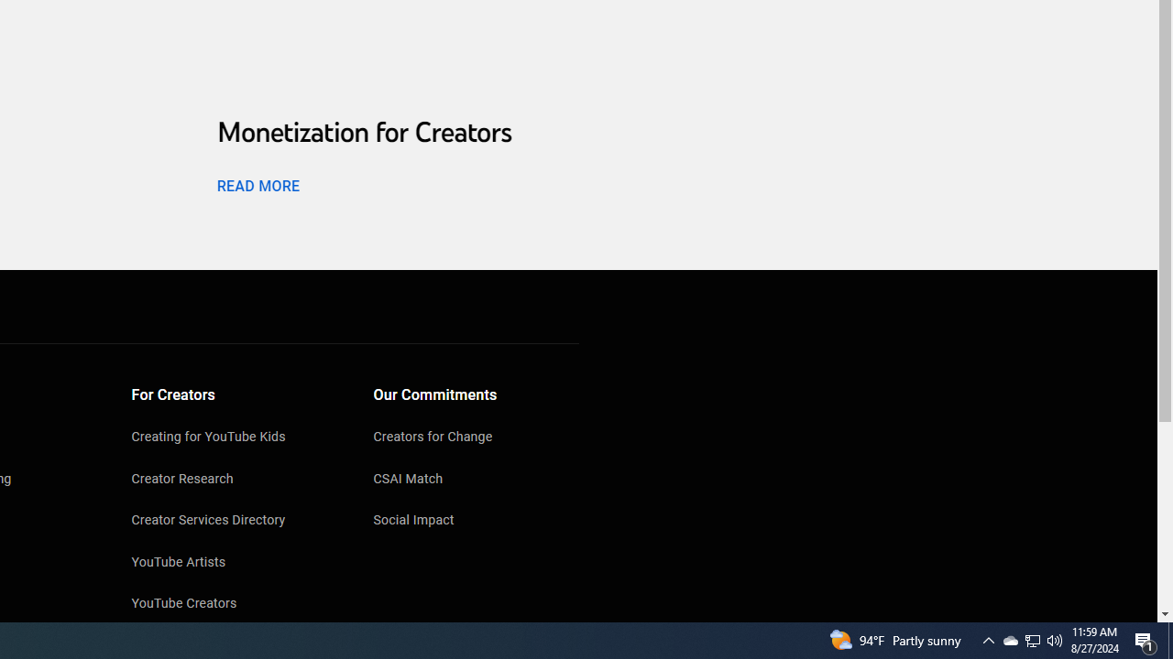  Describe the element at coordinates (476, 522) in the screenshot. I see `'Social Impact'` at that location.